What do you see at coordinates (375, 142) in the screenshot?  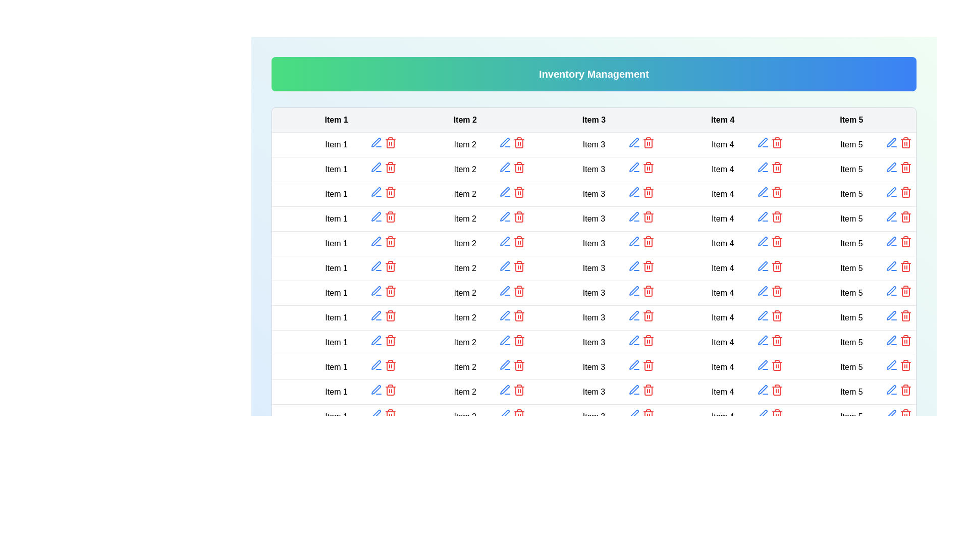 I see `the edit button for the specified cell to enable editing` at bounding box center [375, 142].